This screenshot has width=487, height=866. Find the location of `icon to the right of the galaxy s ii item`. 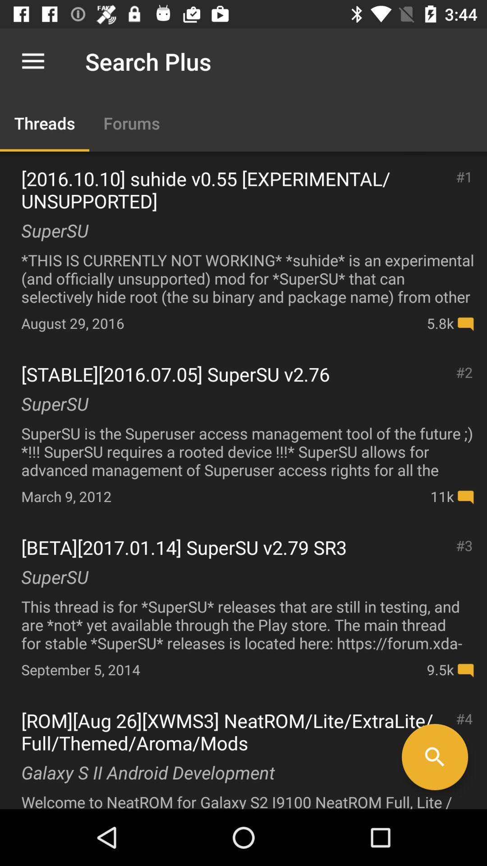

icon to the right of the galaxy s ii item is located at coordinates (434, 757).